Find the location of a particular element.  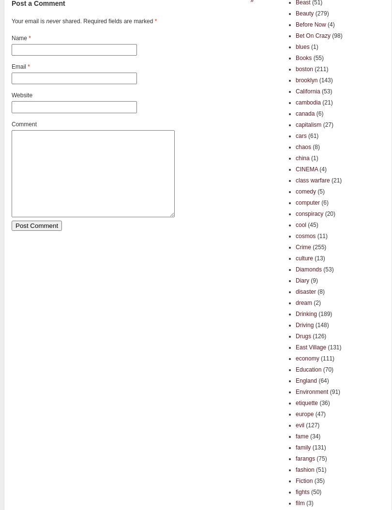

'(255)' is located at coordinates (318, 246).